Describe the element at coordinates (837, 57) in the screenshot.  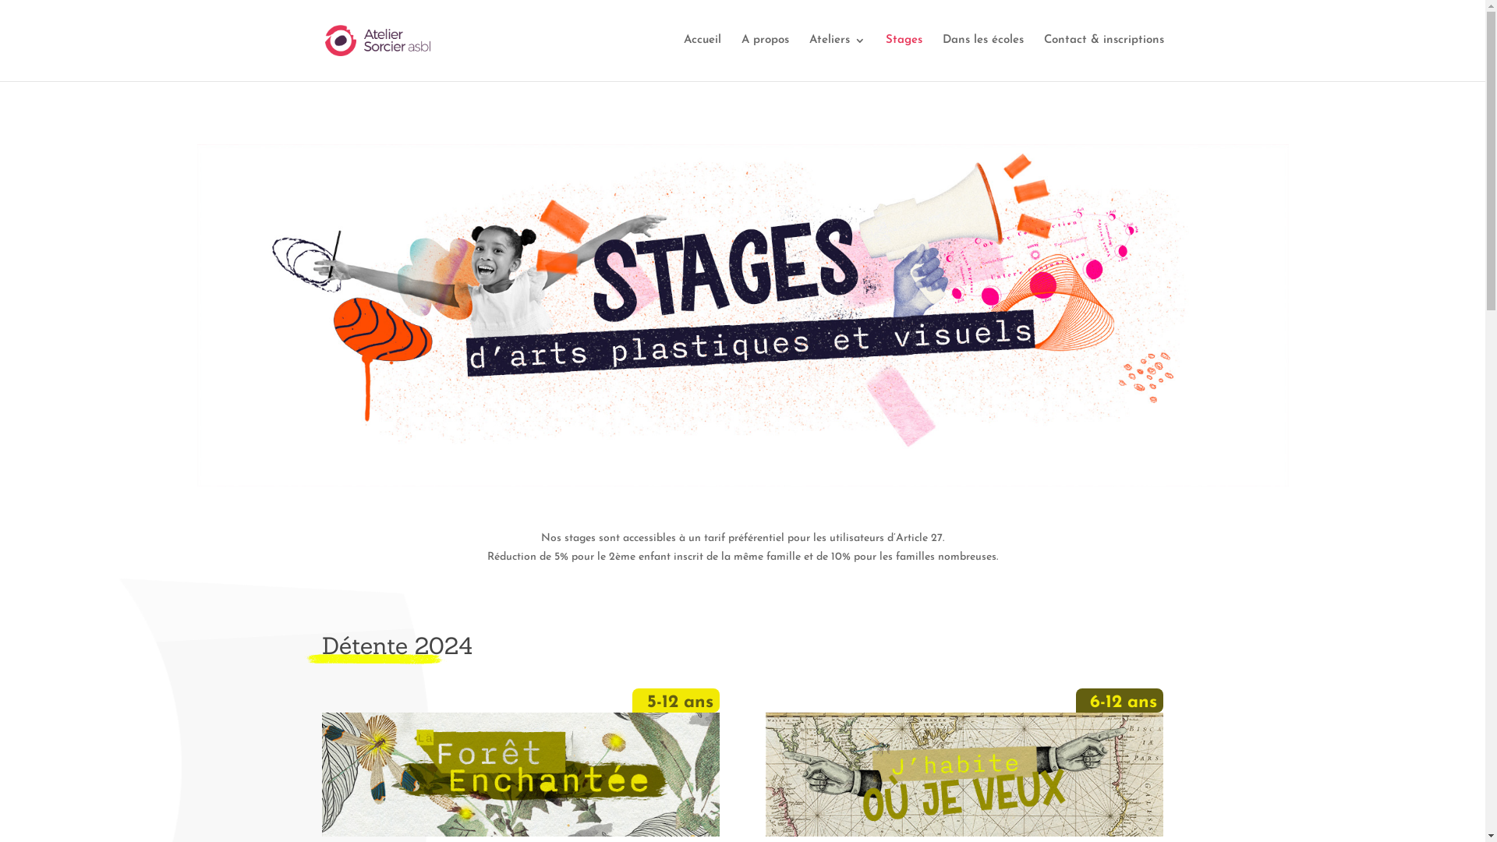
I see `'Ateliers'` at that location.